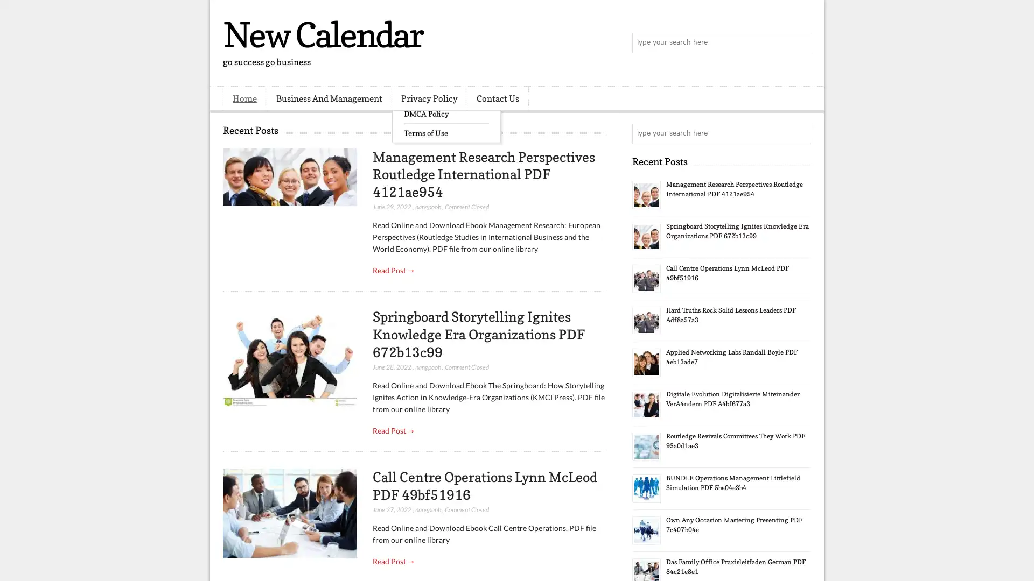 The width and height of the screenshot is (1034, 581). What do you see at coordinates (800, 43) in the screenshot?
I see `Search` at bounding box center [800, 43].